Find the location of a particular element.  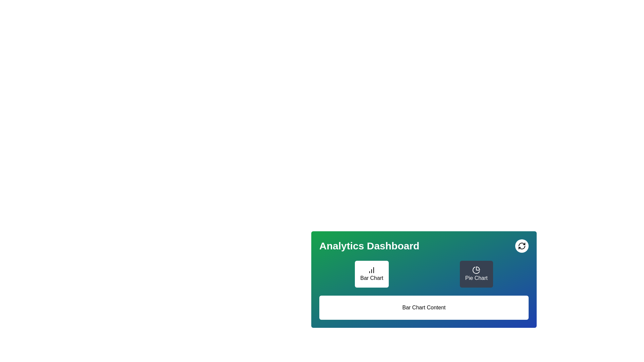

text displayed in the Text Display element located at the bottom of the 'Analytics Dashboard', beneath the 'Bar Chart' and 'Pie Chart' is located at coordinates (423, 308).